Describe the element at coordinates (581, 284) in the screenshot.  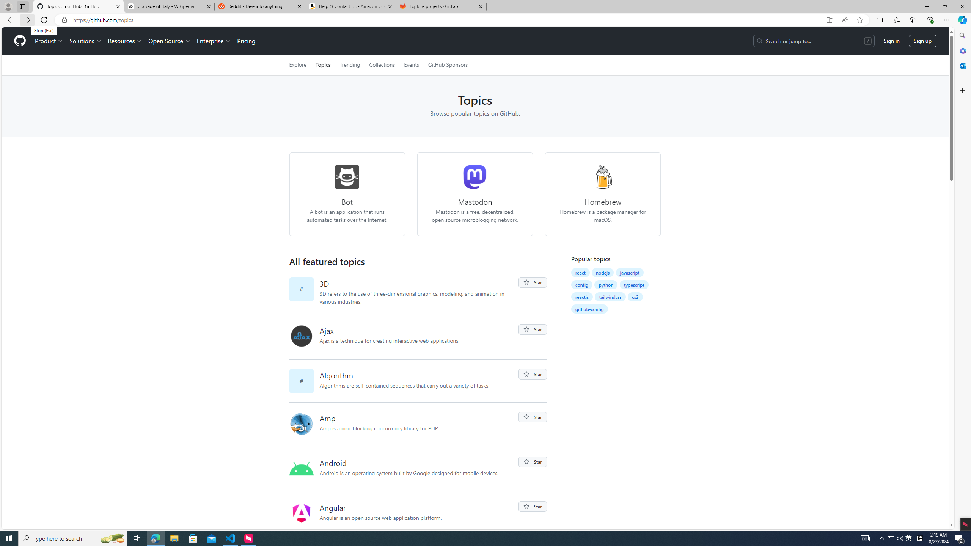
I see `'config'` at that location.